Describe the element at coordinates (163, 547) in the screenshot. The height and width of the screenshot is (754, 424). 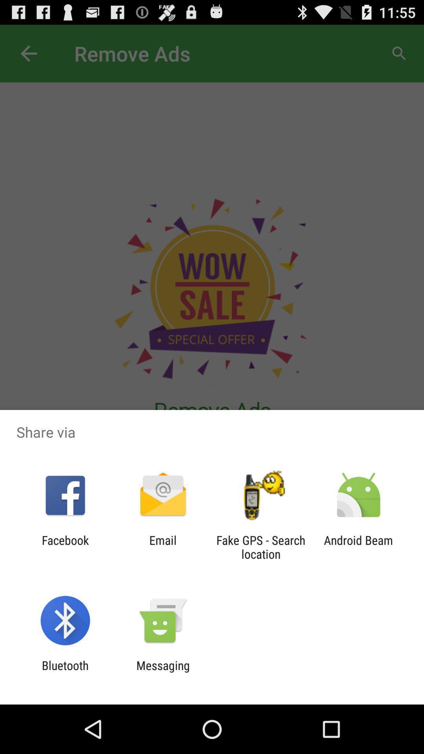
I see `the icon to the right of facebook icon` at that location.